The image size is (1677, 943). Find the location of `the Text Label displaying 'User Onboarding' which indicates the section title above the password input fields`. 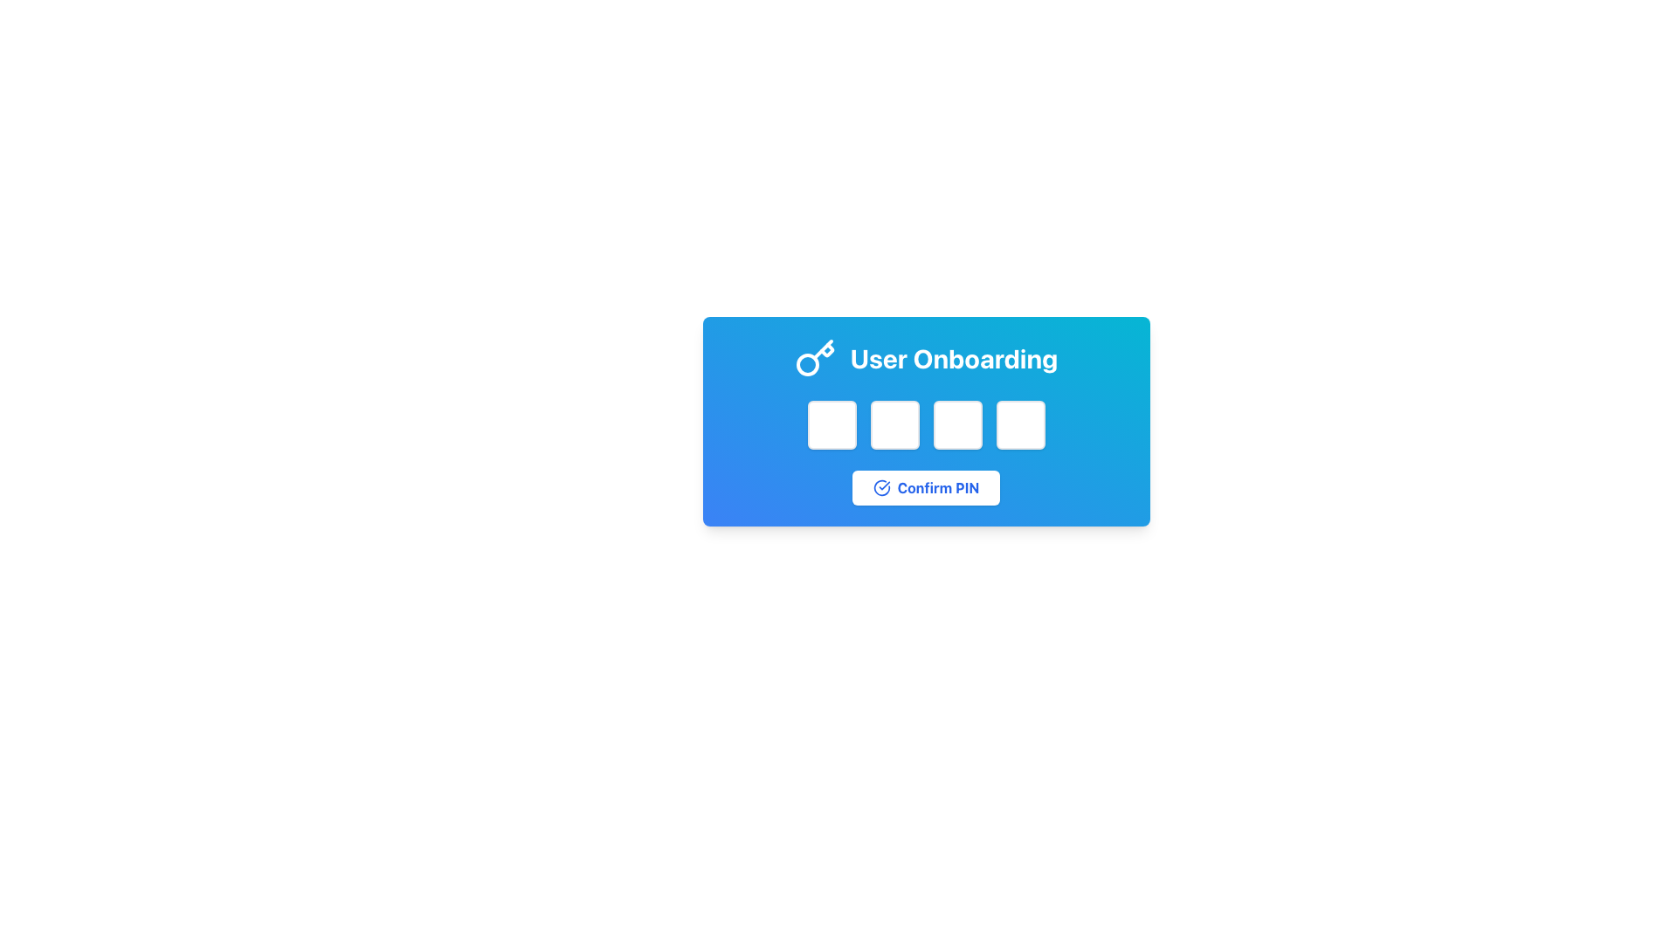

the Text Label displaying 'User Onboarding' which indicates the section title above the password input fields is located at coordinates (925, 358).